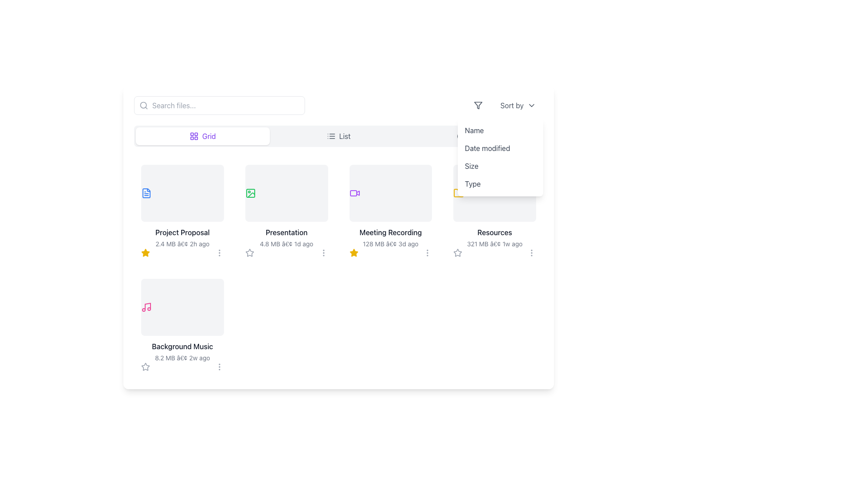  I want to click on the 'Grid', 'List', or 'Recent' option in the Navigation menu located below the search input field, so click(338, 136).